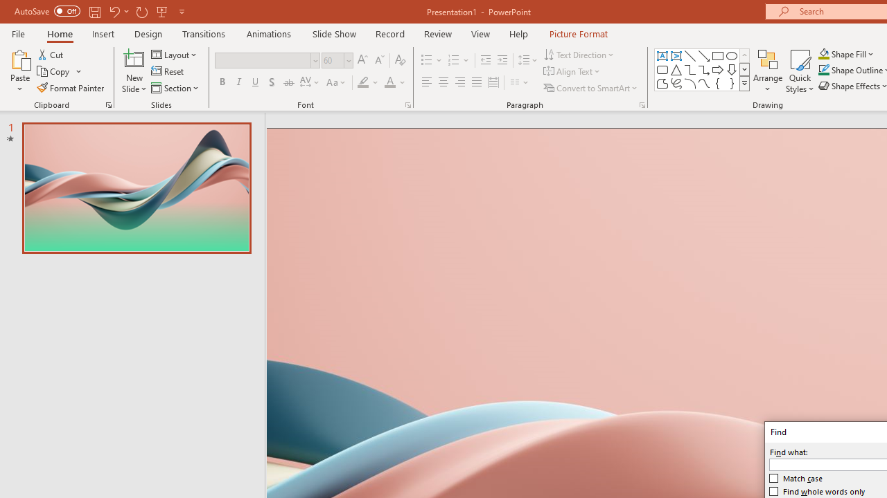 The width and height of the screenshot is (887, 498). I want to click on 'Section', so click(175, 88).